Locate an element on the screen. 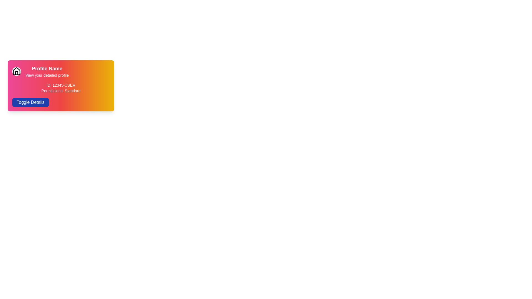  the non-interactive Label providing context or instructions about the user's profile, located beneath the 'Profile Name' text in the pink-to-orange gradient section is located at coordinates (47, 75).